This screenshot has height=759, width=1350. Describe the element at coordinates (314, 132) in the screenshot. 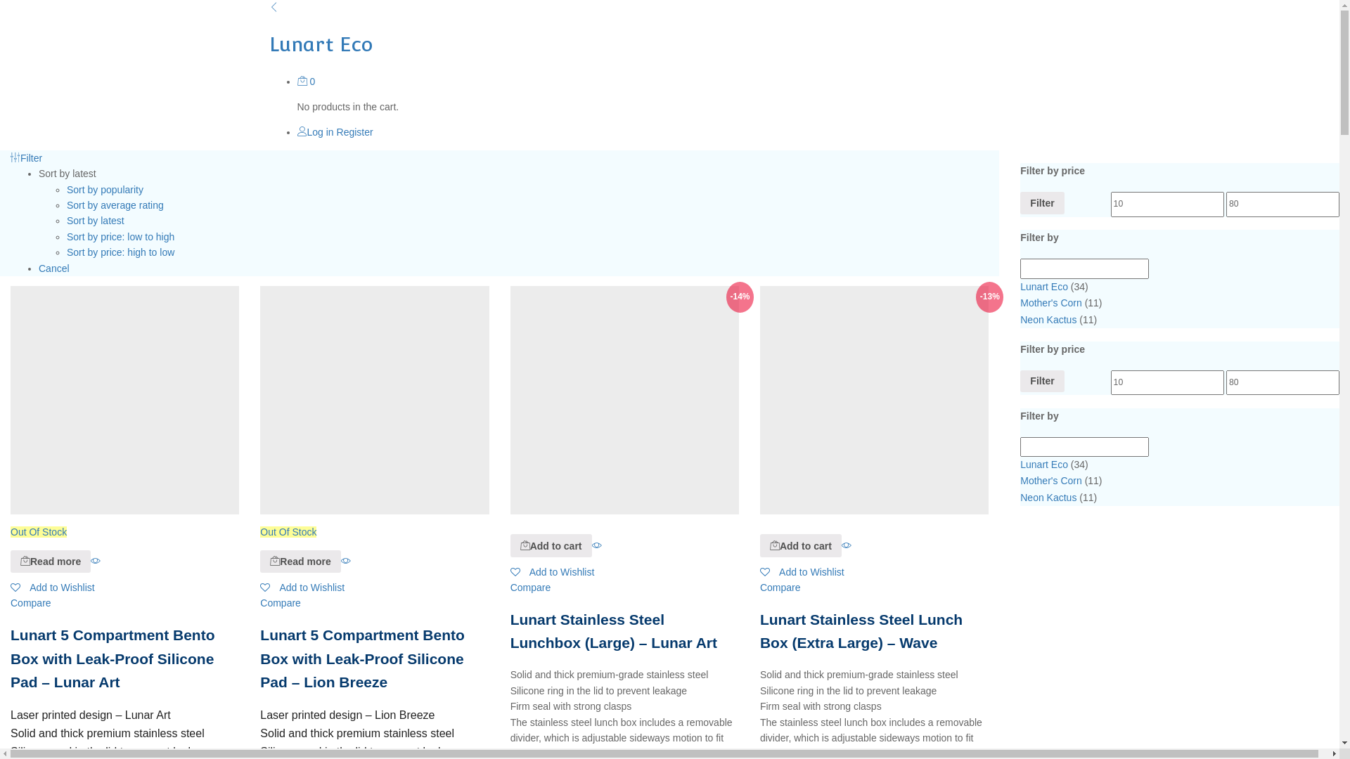

I see `'Log in'` at that location.